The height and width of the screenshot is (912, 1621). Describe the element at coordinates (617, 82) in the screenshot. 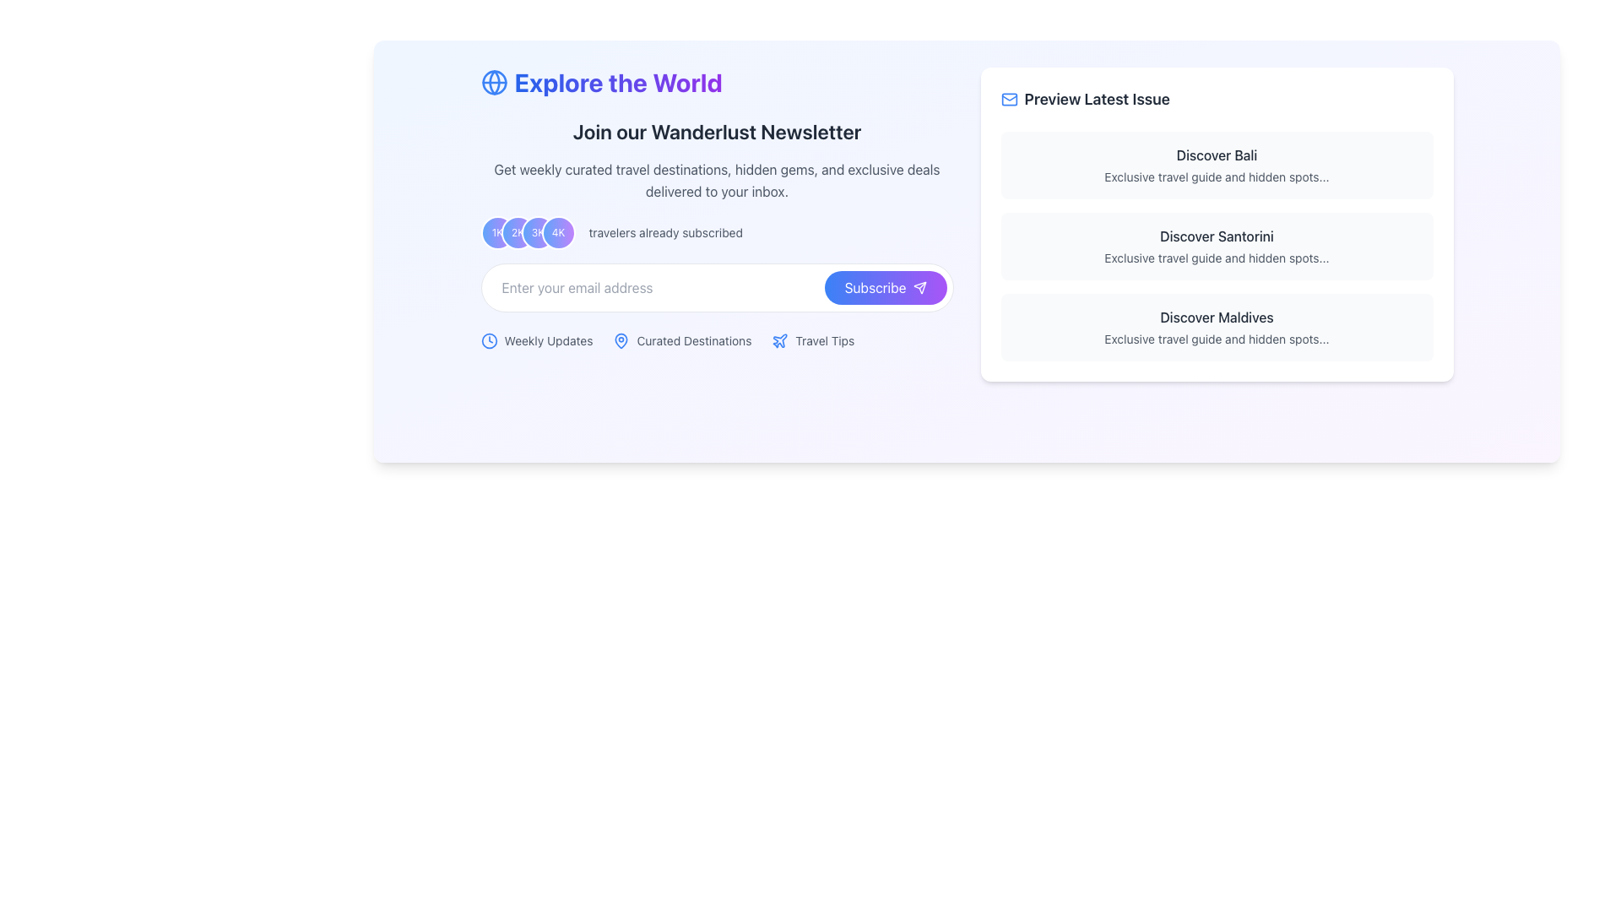

I see `the static header text, which is styled with a bold, large font and gradient coloring, located near the top-left corner of the central content section` at that location.